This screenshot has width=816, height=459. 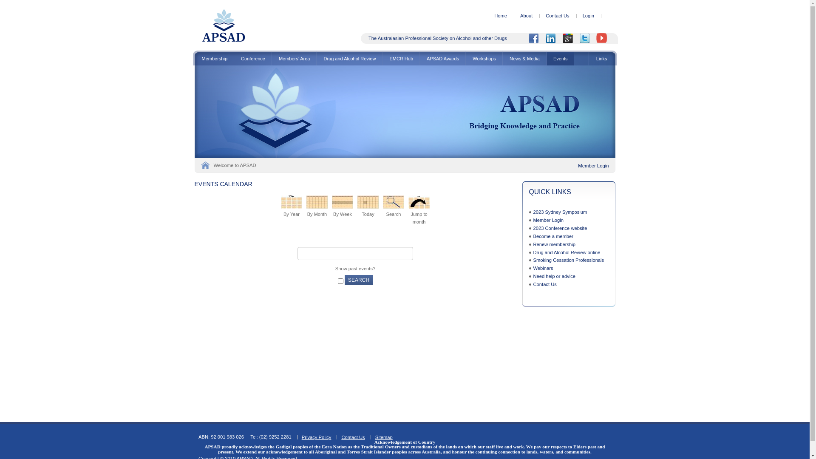 What do you see at coordinates (554, 276) in the screenshot?
I see `'Need help or advice'` at bounding box center [554, 276].